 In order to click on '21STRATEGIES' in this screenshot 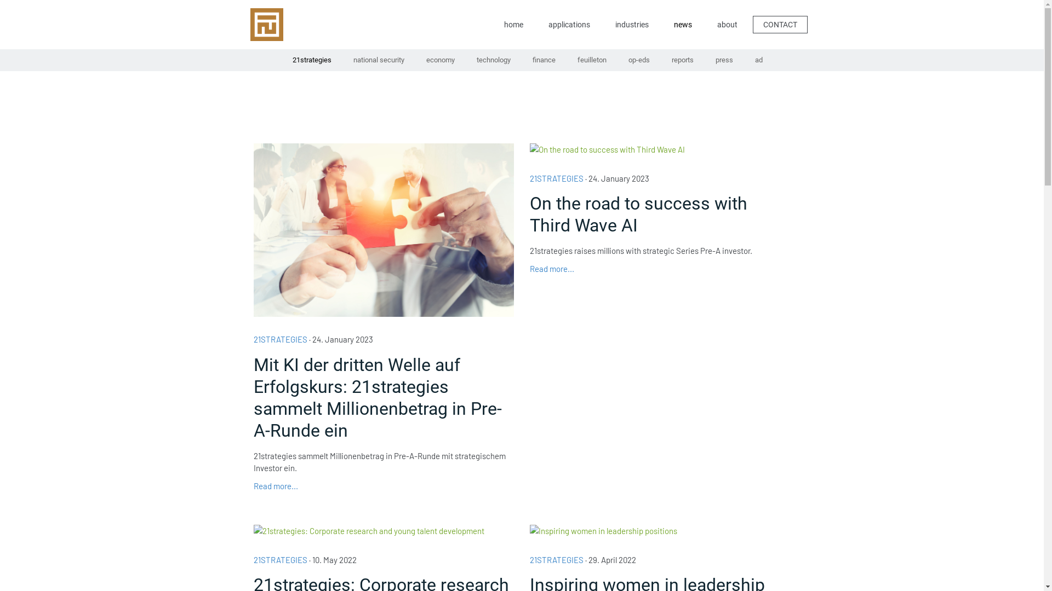, I will do `click(557, 177)`.